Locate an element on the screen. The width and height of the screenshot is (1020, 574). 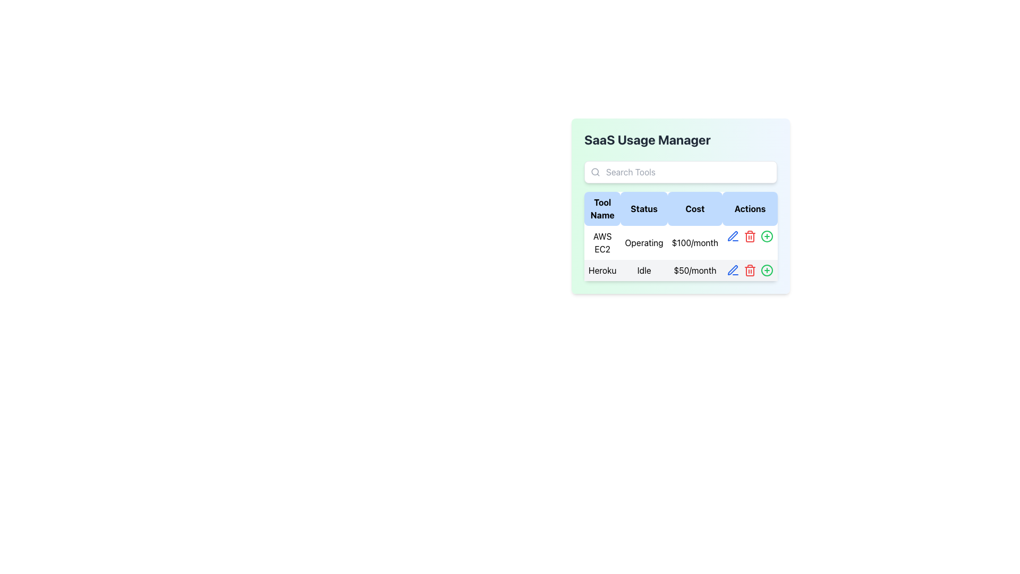
the interactive button associated with 'Heroku' in the Actions column is located at coordinates (767, 235).